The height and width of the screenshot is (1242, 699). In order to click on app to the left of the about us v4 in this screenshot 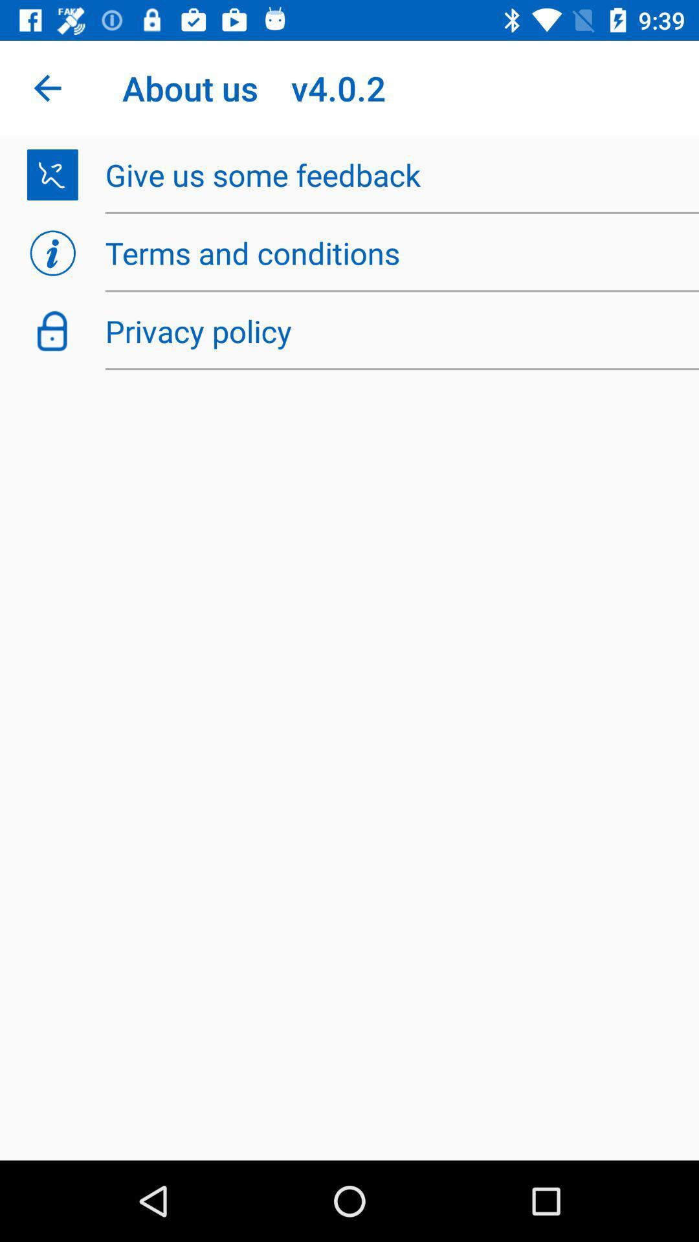, I will do `click(47, 87)`.